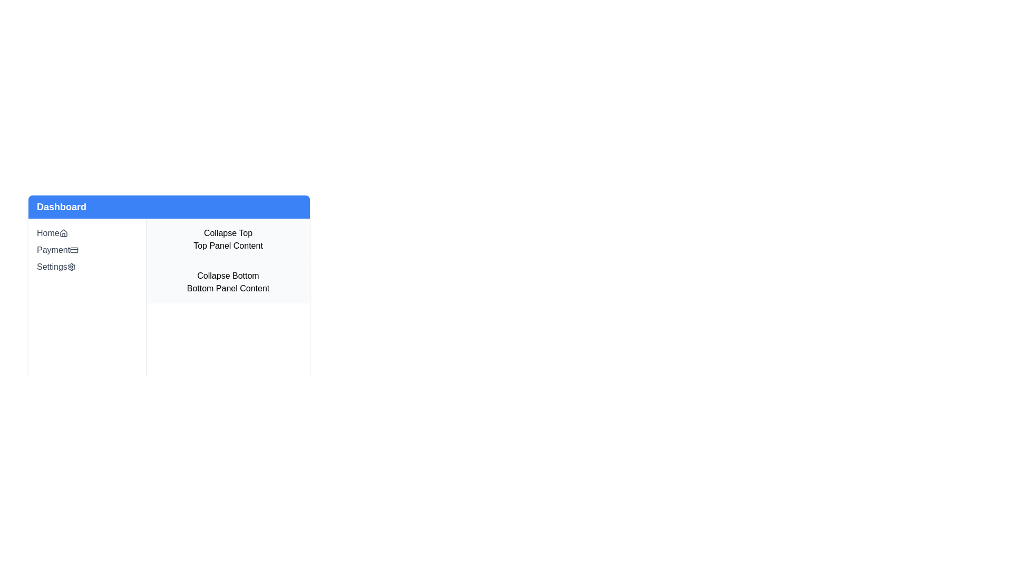  I want to click on the Collapsible Content Section located in the right half of the main interface, so click(227, 312).